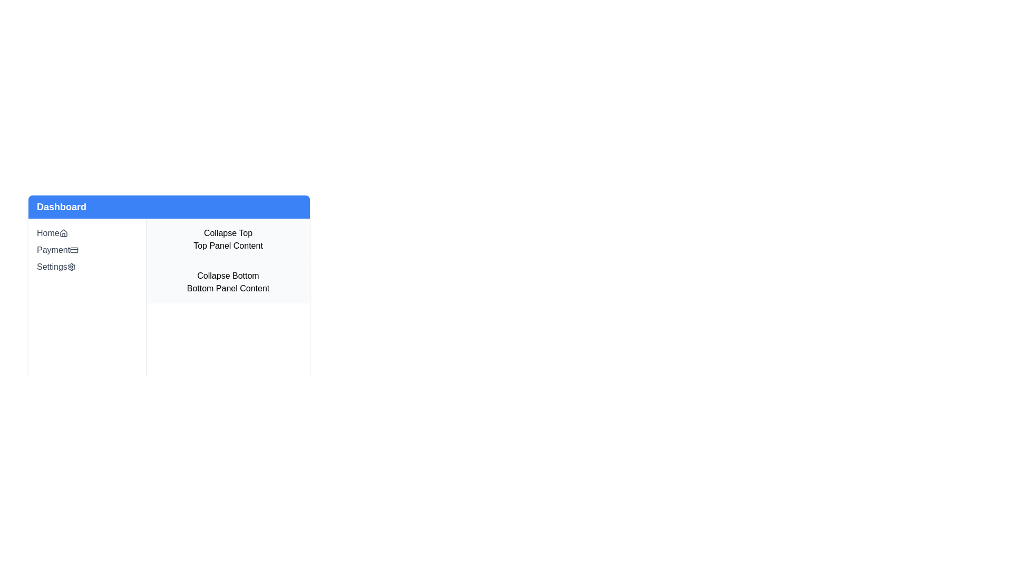  I want to click on the Collapsible Content Section located in the right half of the main interface, so click(227, 312).